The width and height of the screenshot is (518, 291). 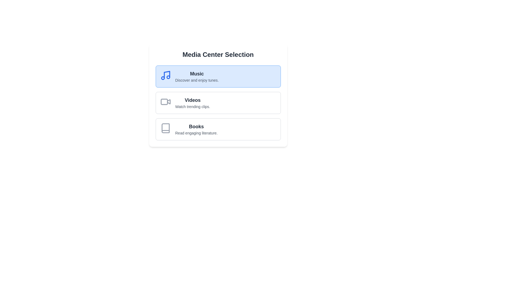 I want to click on the 'Videos' Interactive Card, which is the second item in a vertical list of three cards in the media center interface, so click(x=218, y=95).